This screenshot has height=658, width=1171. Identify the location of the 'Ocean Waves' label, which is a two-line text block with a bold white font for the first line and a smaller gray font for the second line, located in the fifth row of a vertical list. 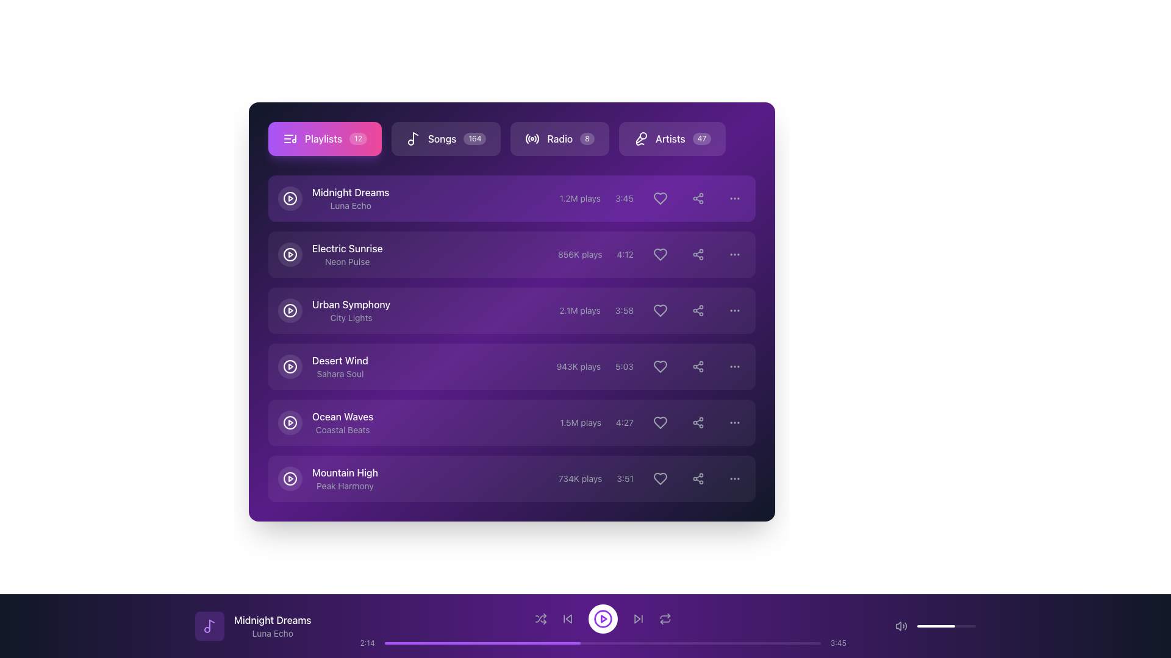
(326, 422).